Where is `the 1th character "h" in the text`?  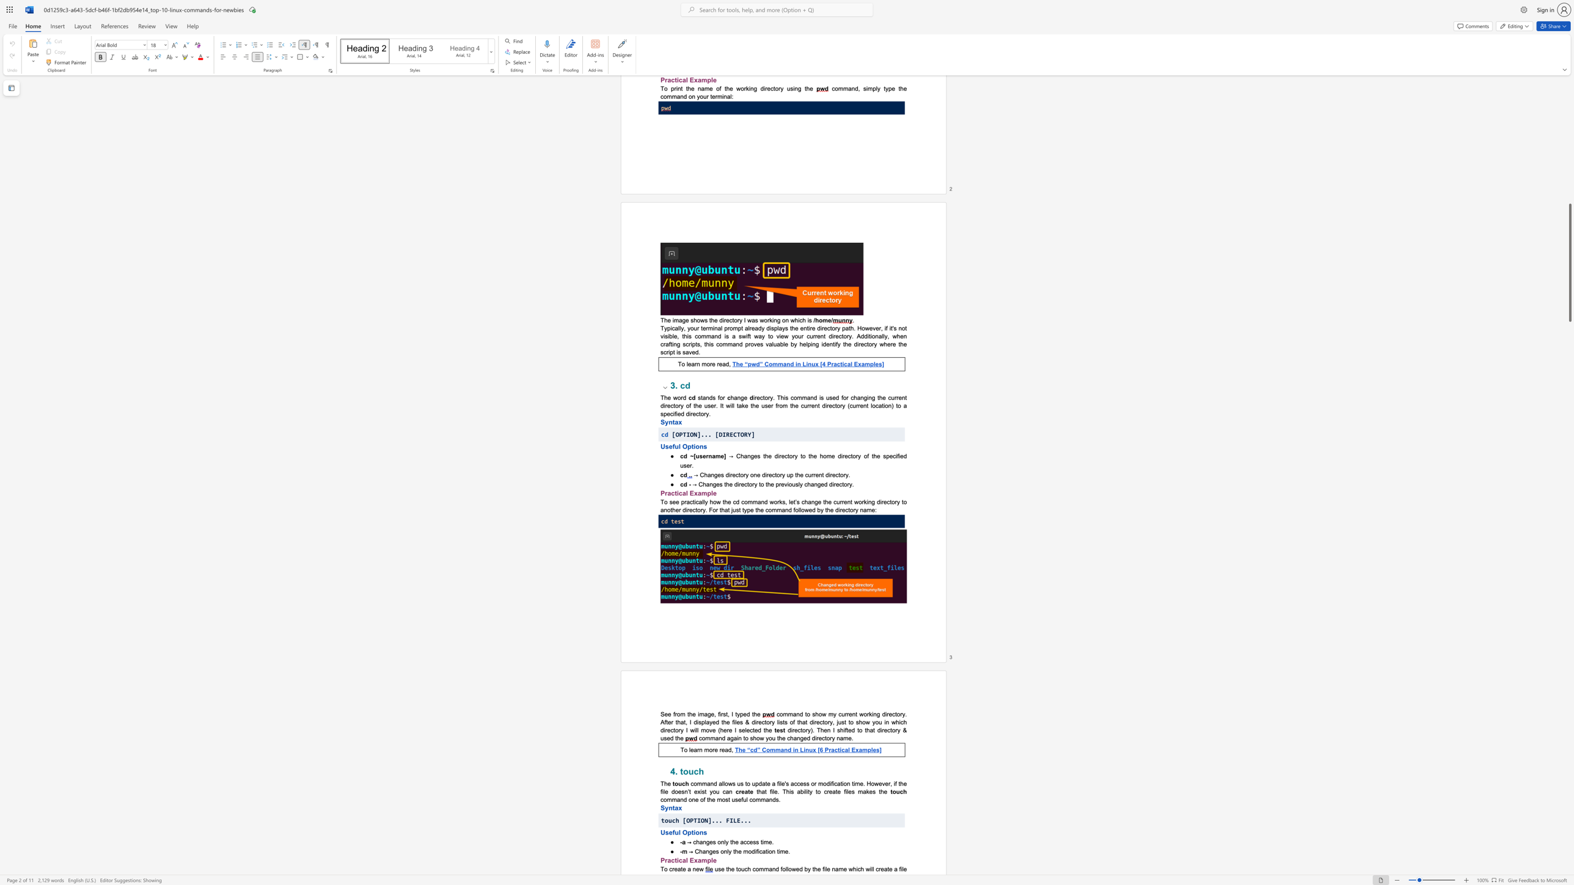
the 1th character "h" in the text is located at coordinates (690, 714).